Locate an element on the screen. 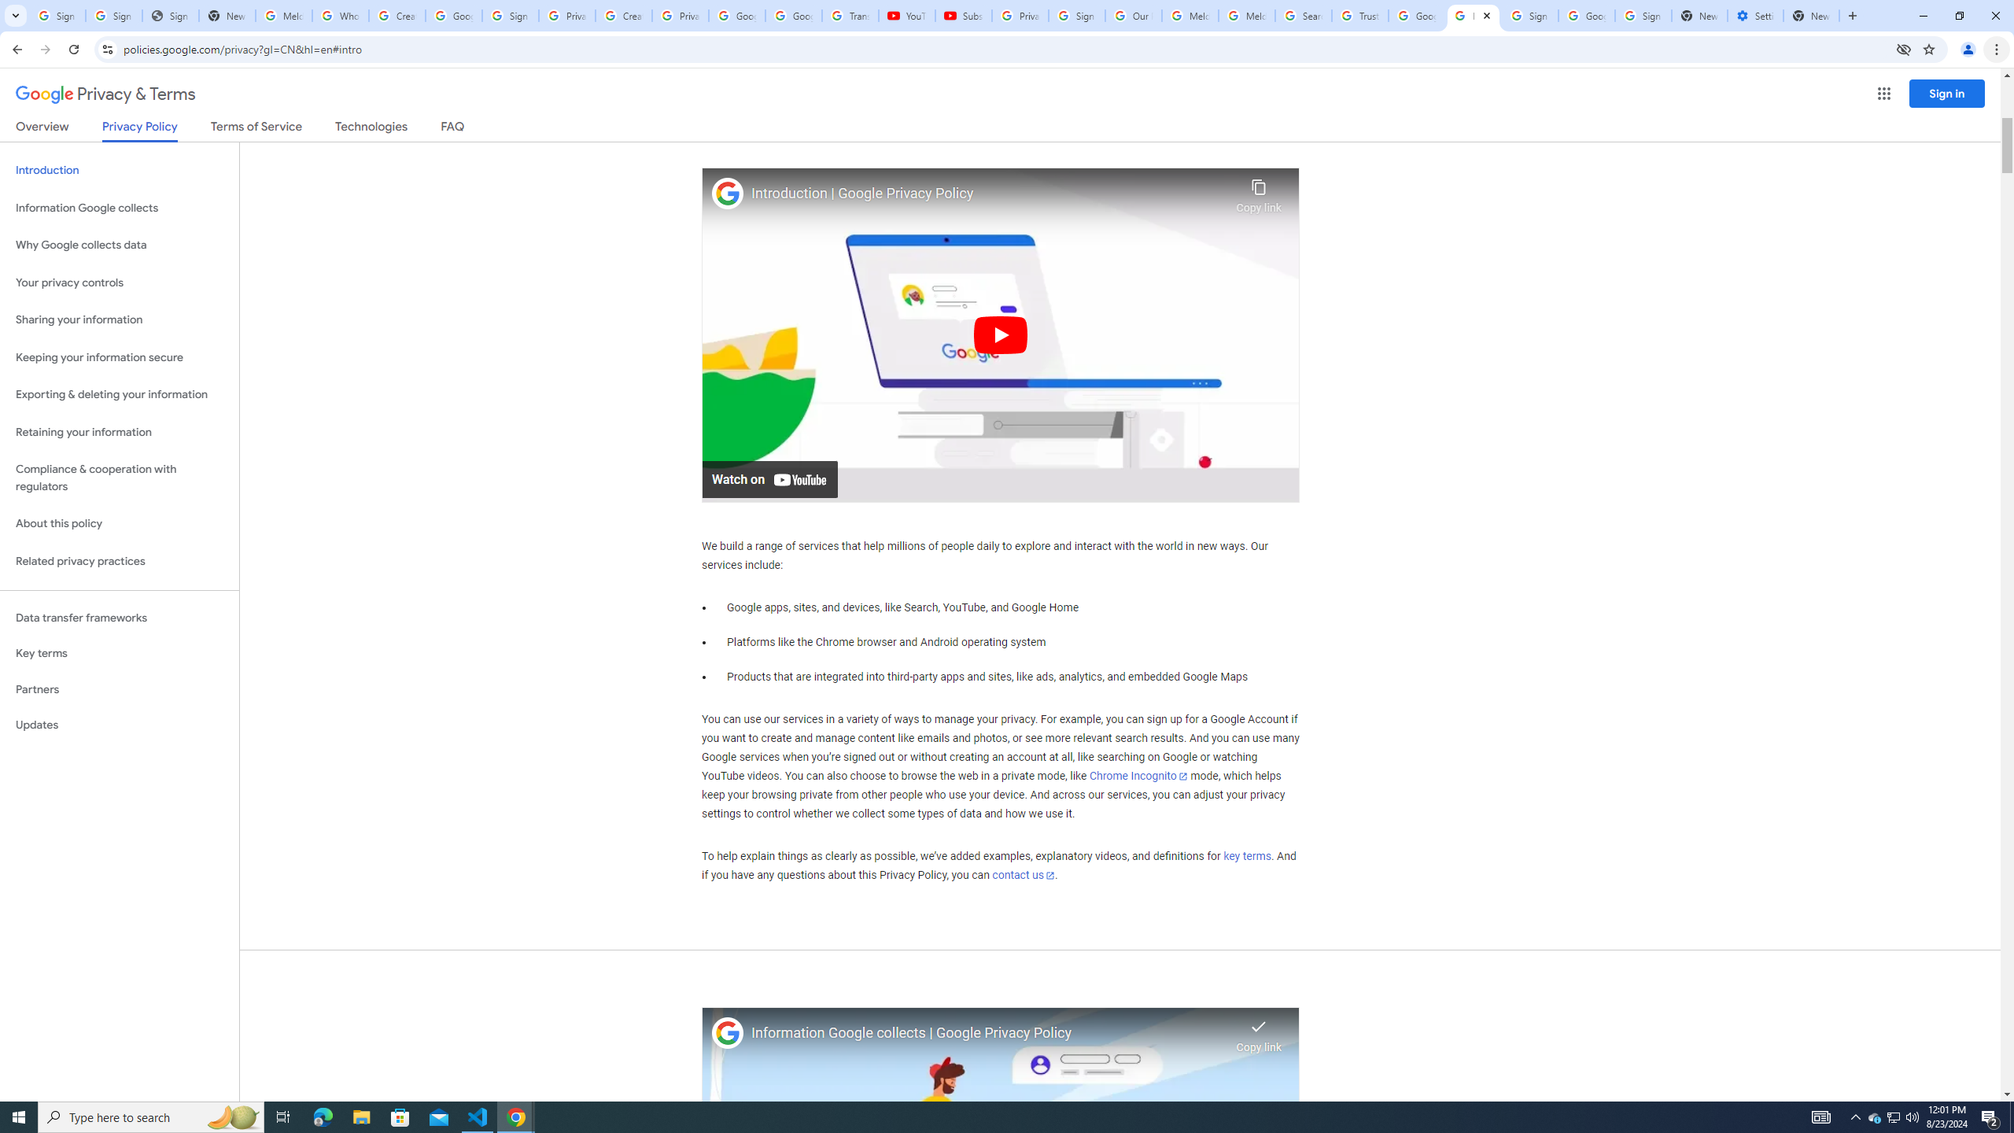 Image resolution: width=2014 pixels, height=1133 pixels. 'Information Google collects' is located at coordinates (119, 208).